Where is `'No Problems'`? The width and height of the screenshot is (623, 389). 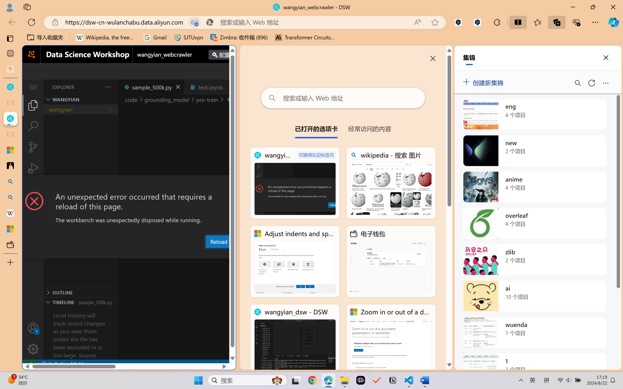 'No Problems' is located at coordinates (51, 364).